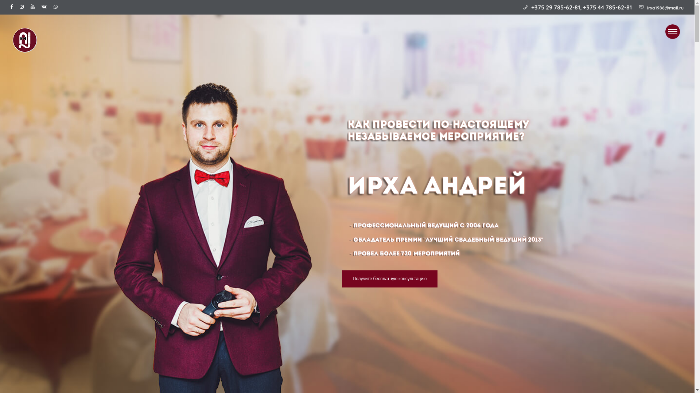 This screenshot has width=700, height=393. What do you see at coordinates (23, 6) in the screenshot?
I see `'Instagram'` at bounding box center [23, 6].